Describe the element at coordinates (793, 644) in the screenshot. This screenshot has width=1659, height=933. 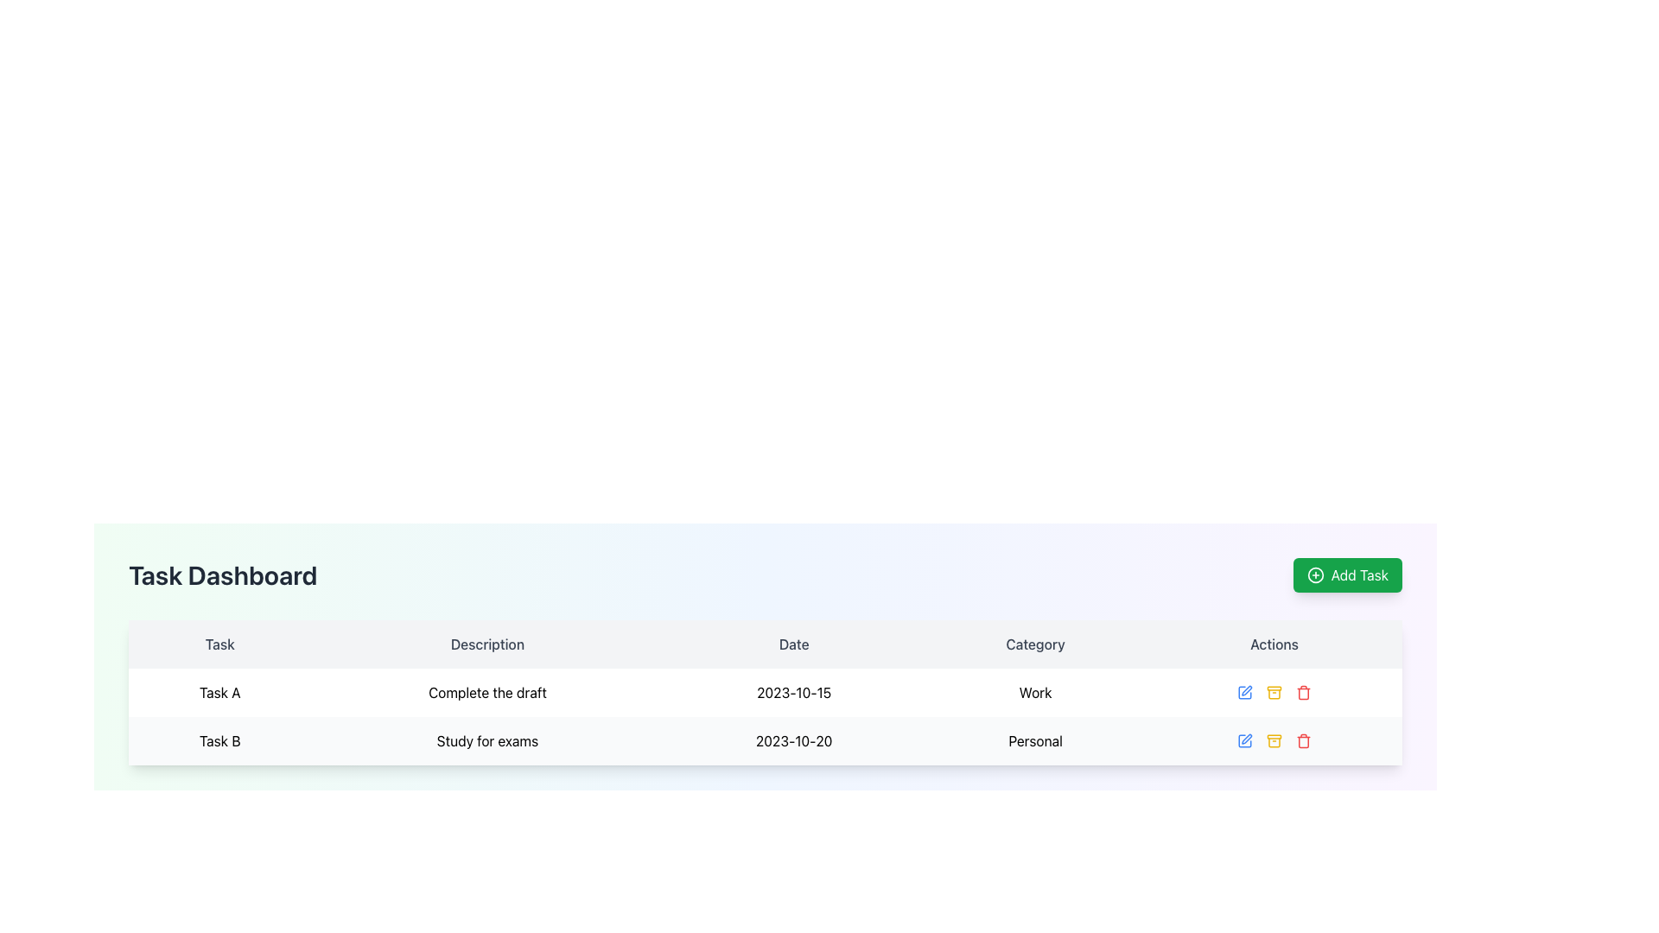
I see `the 'Date' table header, which is the third column header in a row of five, positioned between 'Description' and 'Category'` at that location.